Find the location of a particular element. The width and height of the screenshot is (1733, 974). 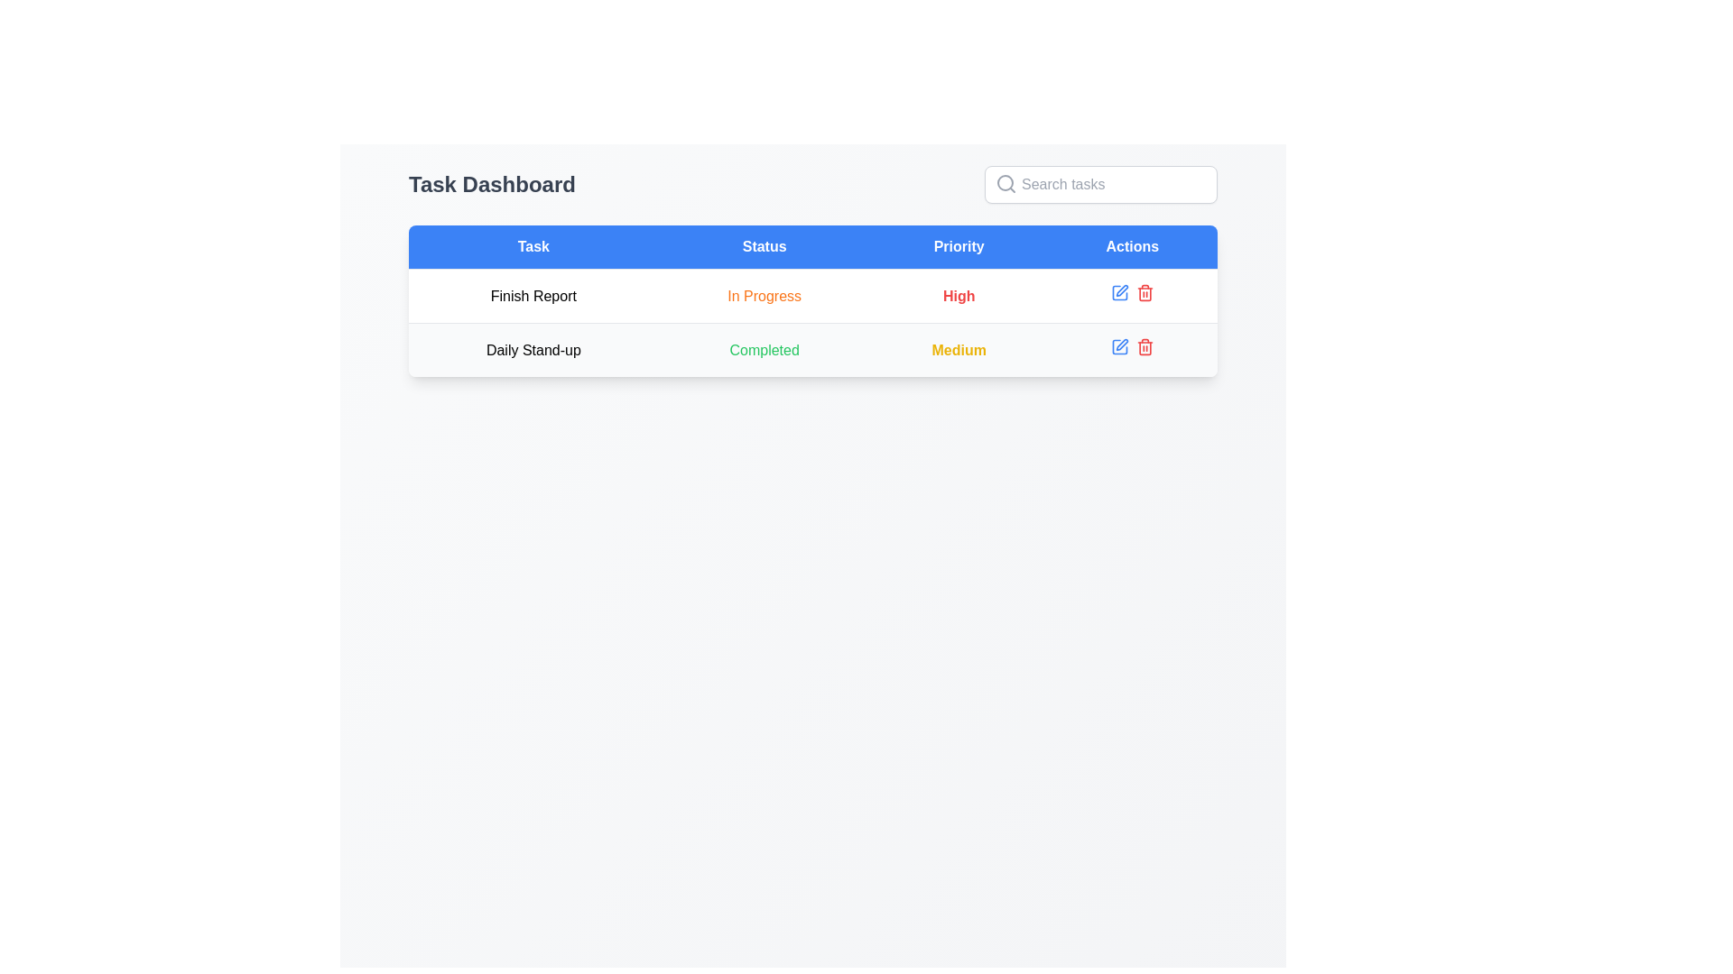

the edit button in the 'Actions' column of the first row in the task table to modify the details of the task with status 'In Progress' and priority 'High' is located at coordinates (1118, 291).